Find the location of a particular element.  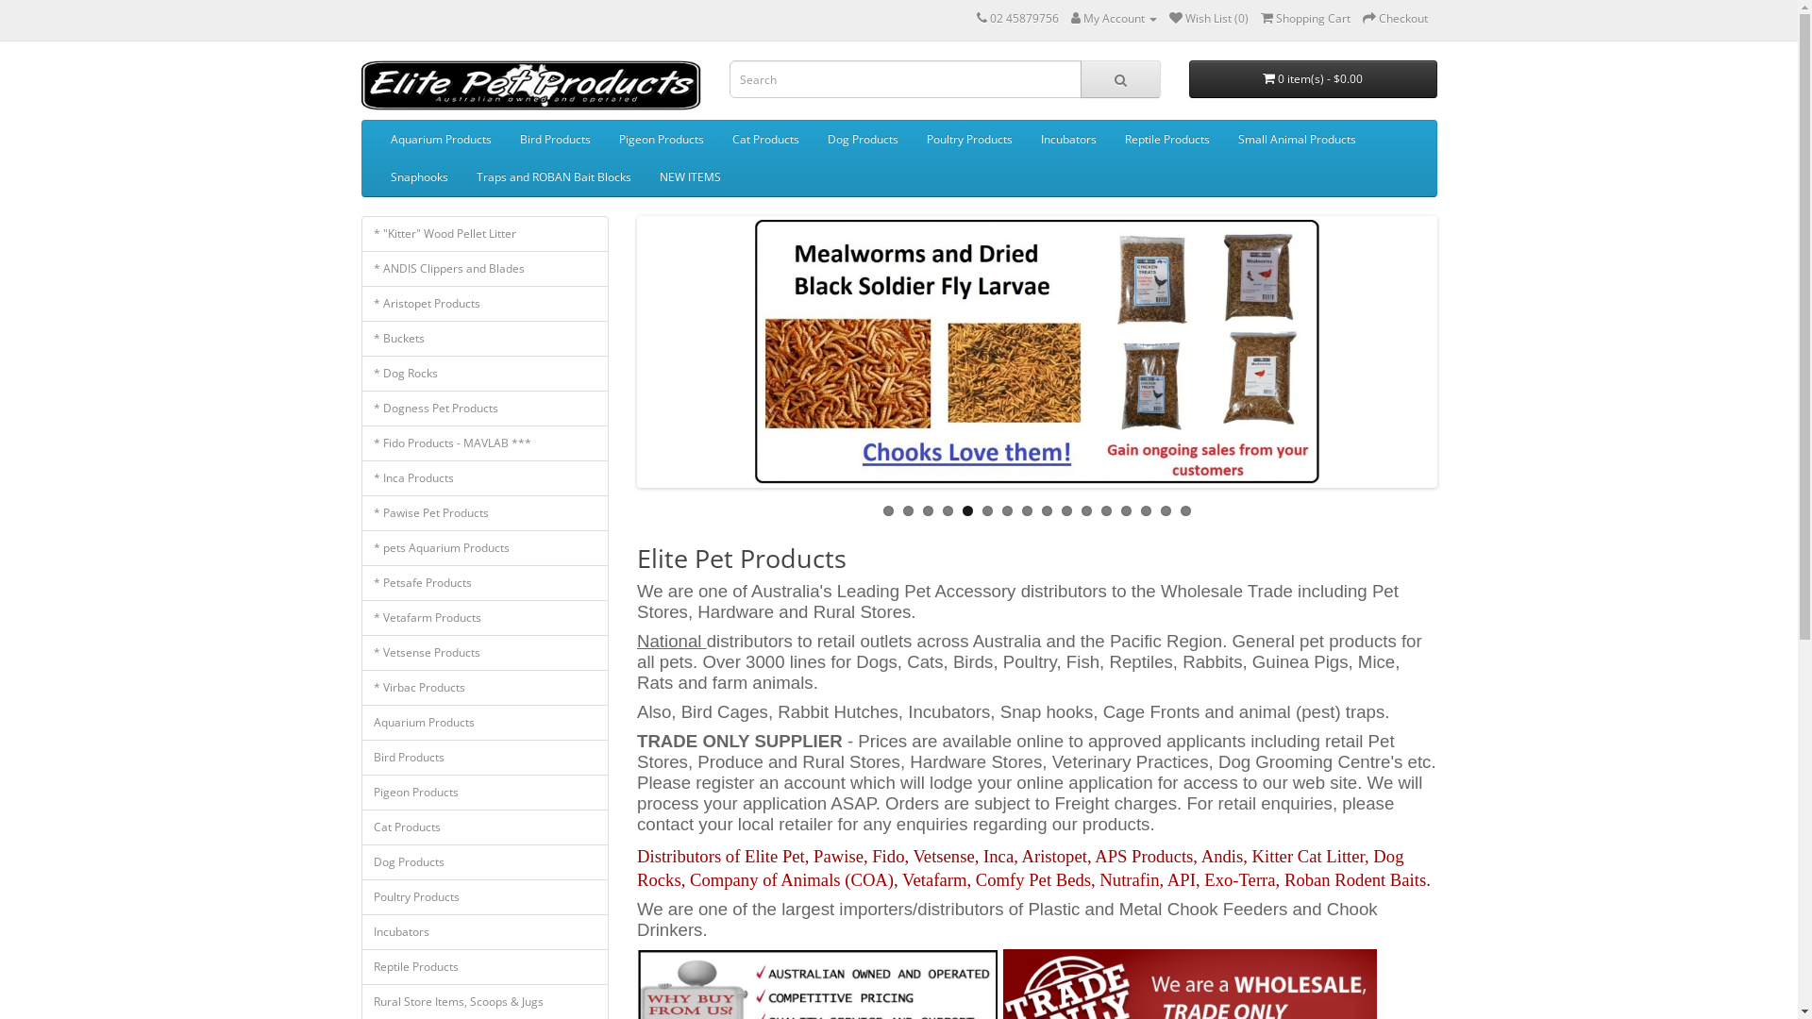

'Incubators' is located at coordinates (1068, 138).